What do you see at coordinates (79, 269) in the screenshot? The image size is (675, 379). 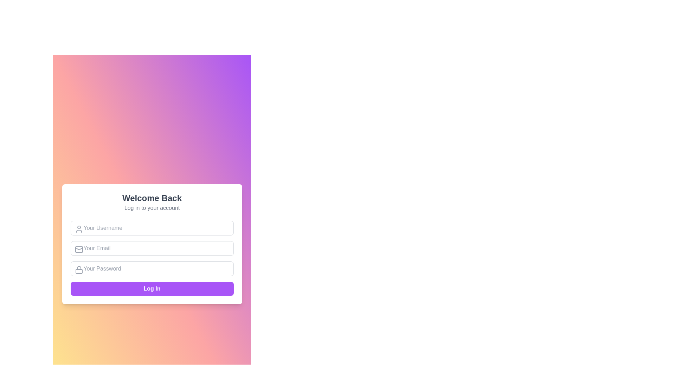 I see `the SVG lock icon styled with 'text-gray-400', located to the left of the 'Your Password' input field` at bounding box center [79, 269].